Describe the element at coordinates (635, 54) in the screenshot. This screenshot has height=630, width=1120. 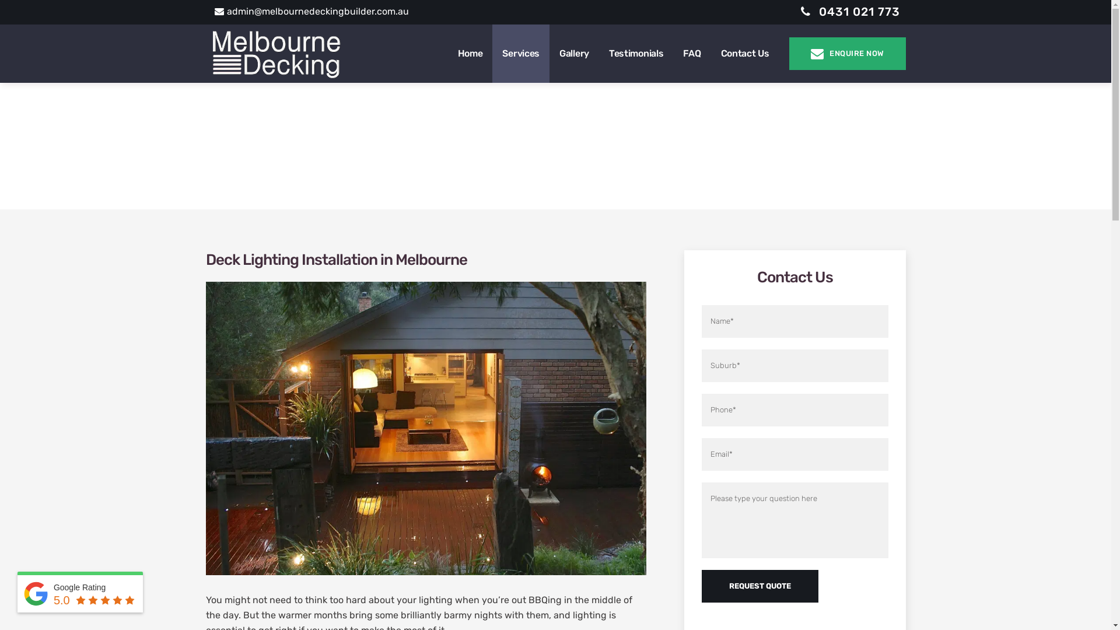
I see `'Testimonials'` at that location.